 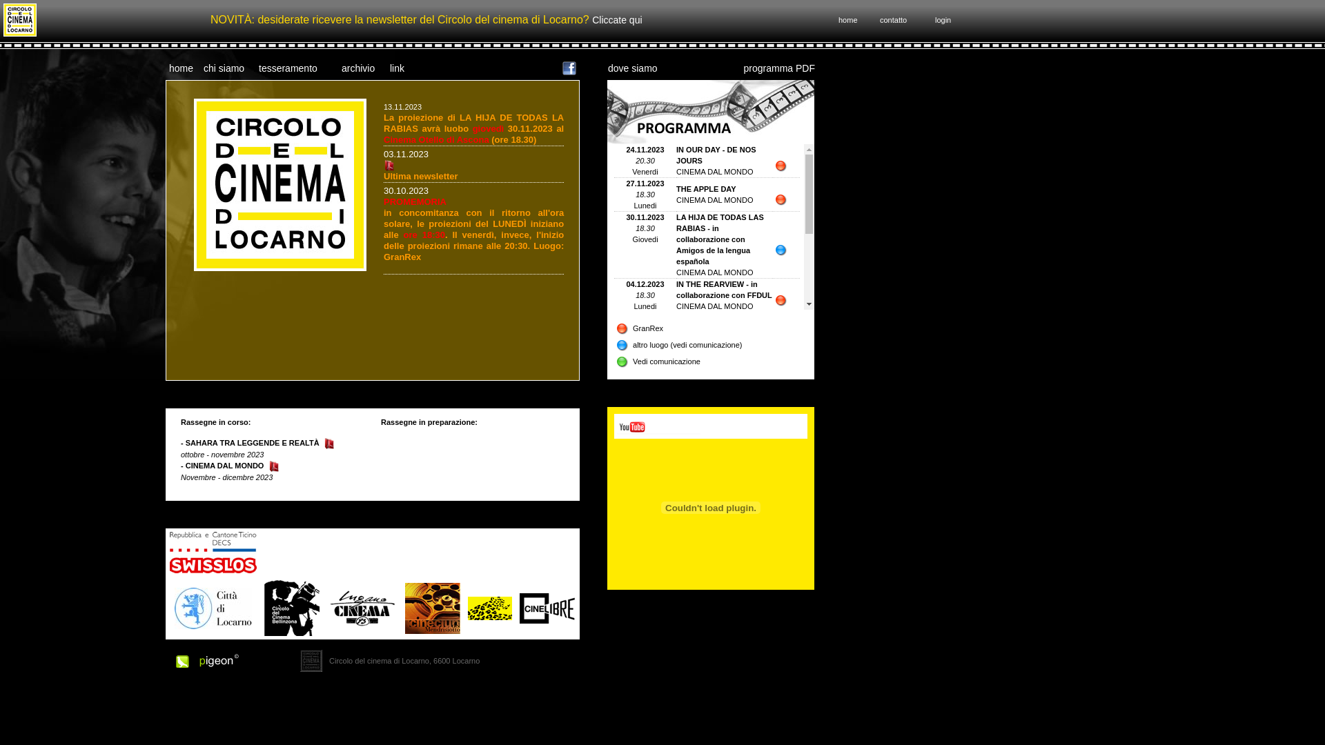 What do you see at coordinates (616, 20) in the screenshot?
I see `'Cliccate qui'` at bounding box center [616, 20].